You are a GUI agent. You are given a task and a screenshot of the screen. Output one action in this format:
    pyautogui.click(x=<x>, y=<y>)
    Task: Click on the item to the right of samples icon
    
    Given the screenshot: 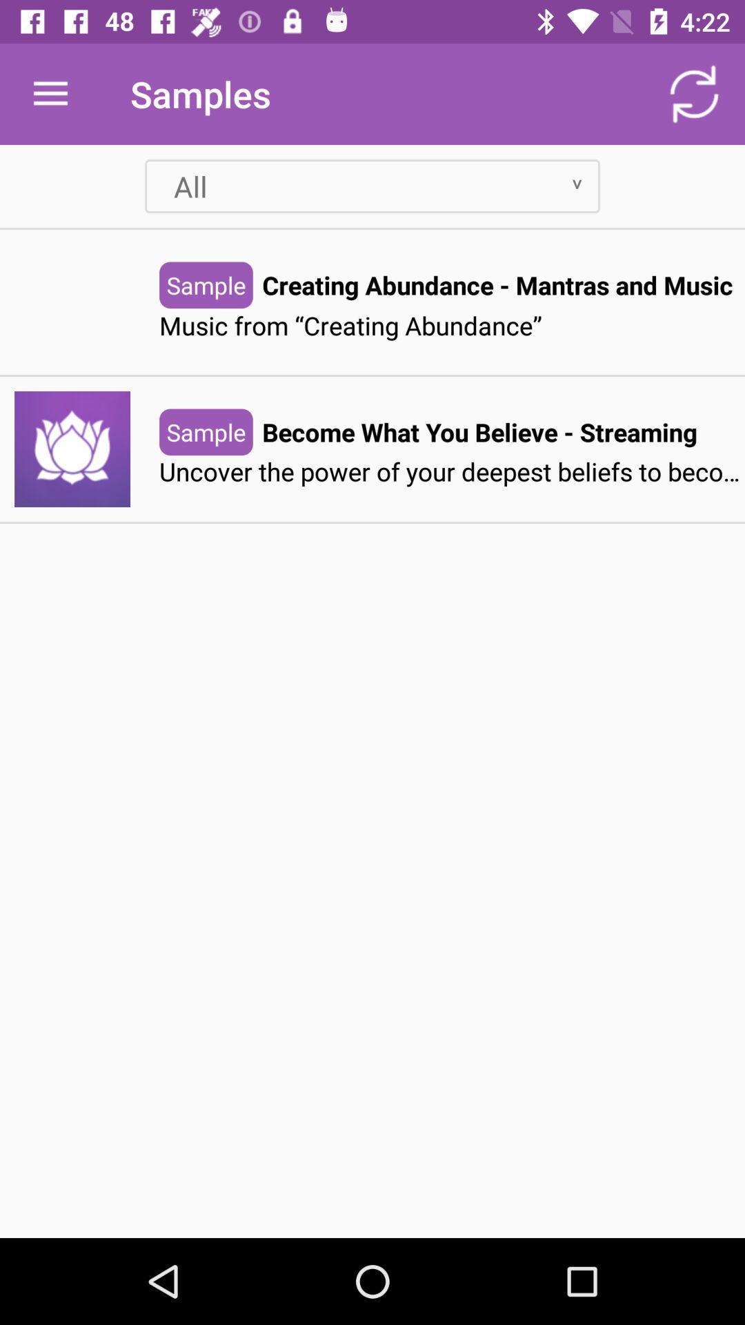 What is the action you would take?
    pyautogui.click(x=694, y=93)
    